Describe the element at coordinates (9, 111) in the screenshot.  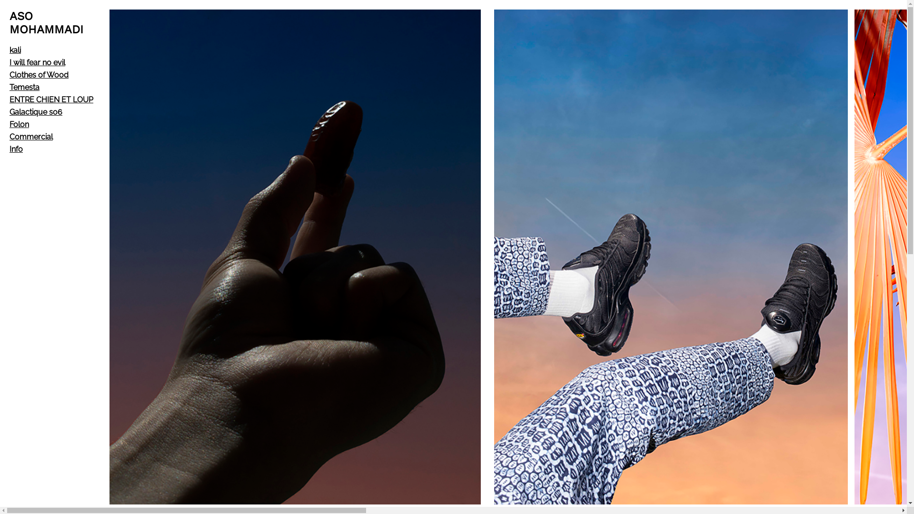
I see `'Galactique so6'` at that location.